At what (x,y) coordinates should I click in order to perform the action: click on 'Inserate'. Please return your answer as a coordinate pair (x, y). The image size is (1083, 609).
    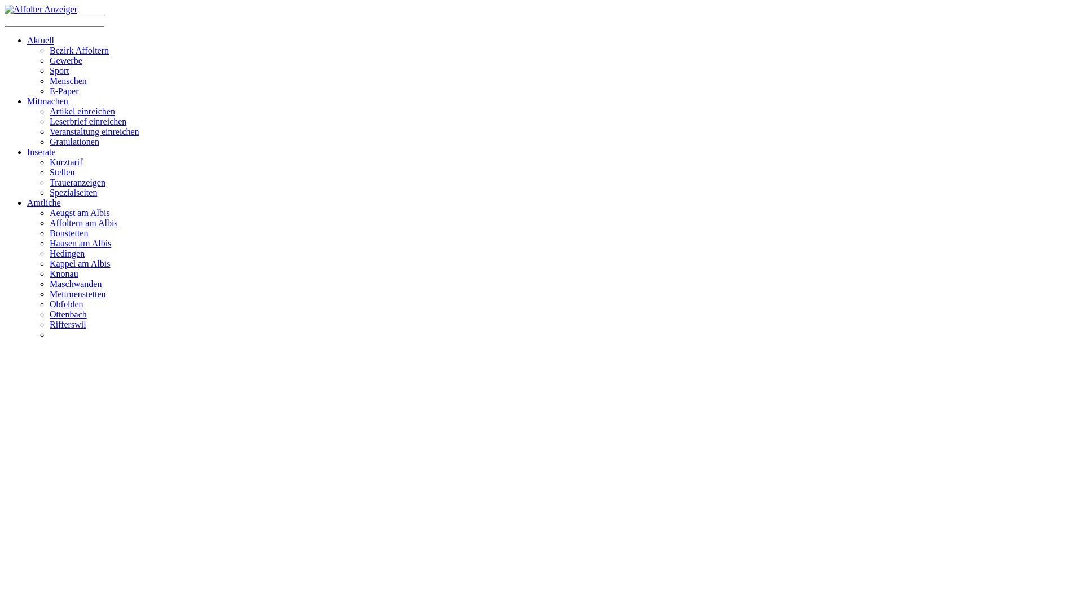
    Looking at the image, I should click on (41, 151).